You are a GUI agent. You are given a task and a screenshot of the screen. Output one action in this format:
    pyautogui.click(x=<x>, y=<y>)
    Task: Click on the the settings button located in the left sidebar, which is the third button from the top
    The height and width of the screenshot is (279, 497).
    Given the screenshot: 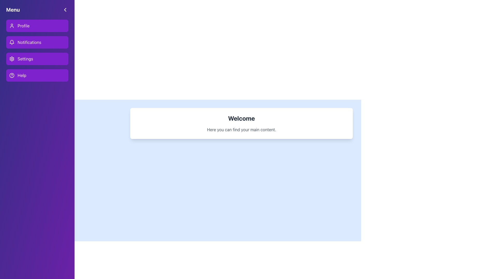 What is the action you would take?
    pyautogui.click(x=37, y=58)
    